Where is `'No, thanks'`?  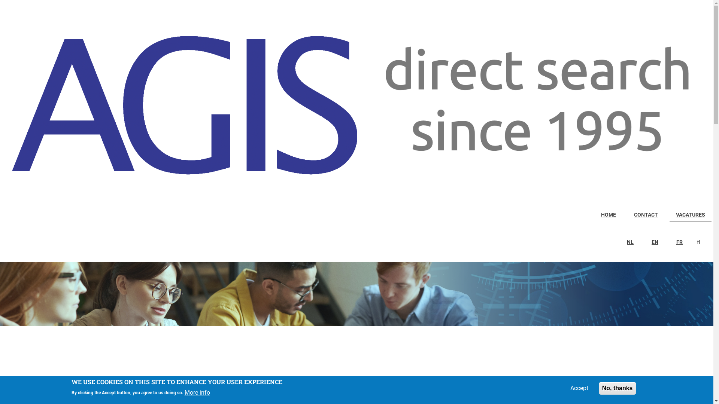
'No, thanks' is located at coordinates (618, 388).